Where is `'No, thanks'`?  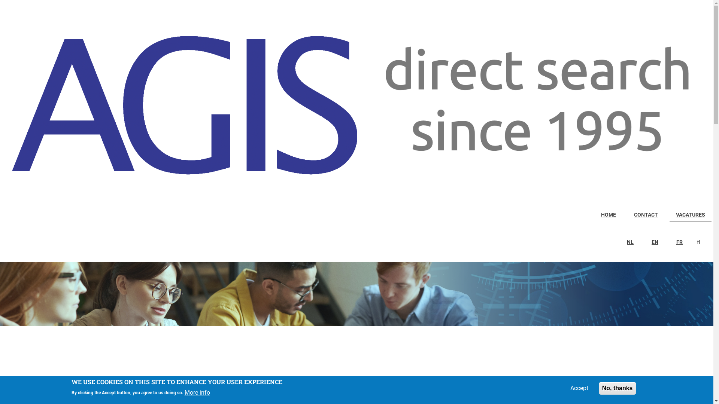
'No, thanks' is located at coordinates (618, 388).